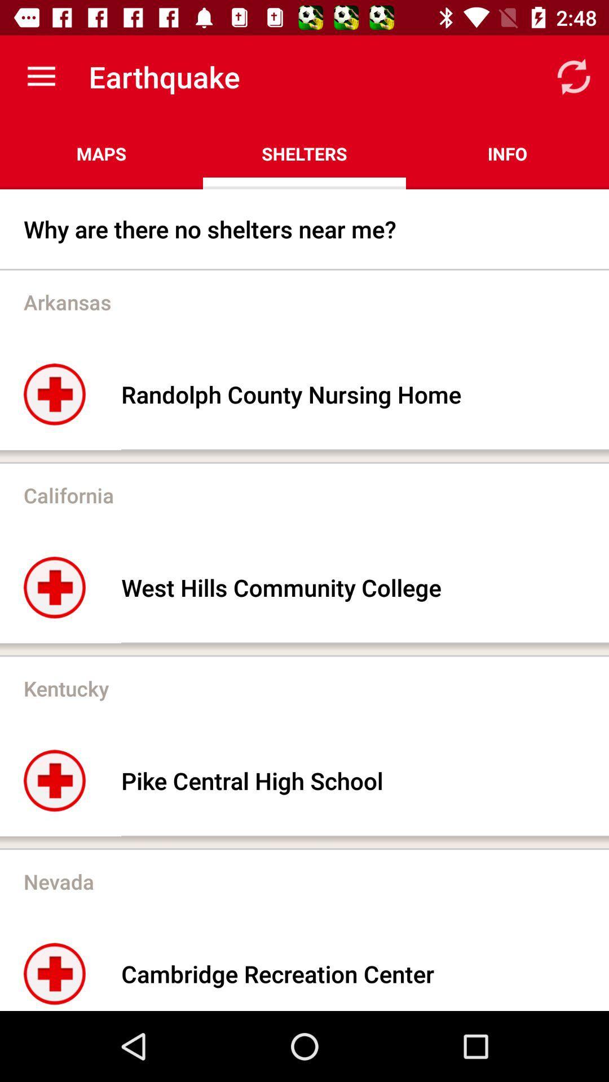 Image resolution: width=609 pixels, height=1082 pixels. I want to click on the item above the why are there item, so click(101, 153).